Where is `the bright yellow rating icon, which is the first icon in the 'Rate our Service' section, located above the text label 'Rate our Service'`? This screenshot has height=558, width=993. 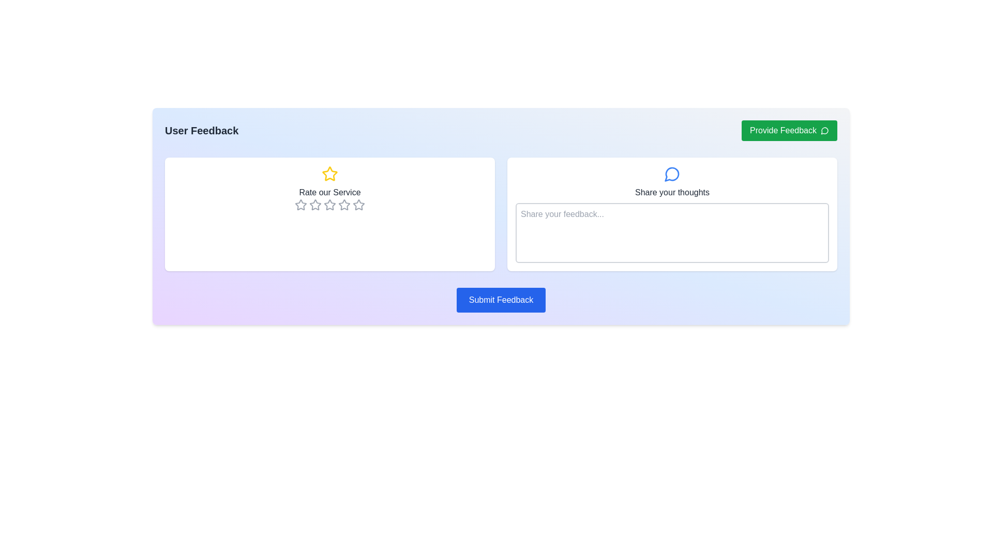
the bright yellow rating icon, which is the first icon in the 'Rate our Service' section, located above the text label 'Rate our Service' is located at coordinates (329, 173).